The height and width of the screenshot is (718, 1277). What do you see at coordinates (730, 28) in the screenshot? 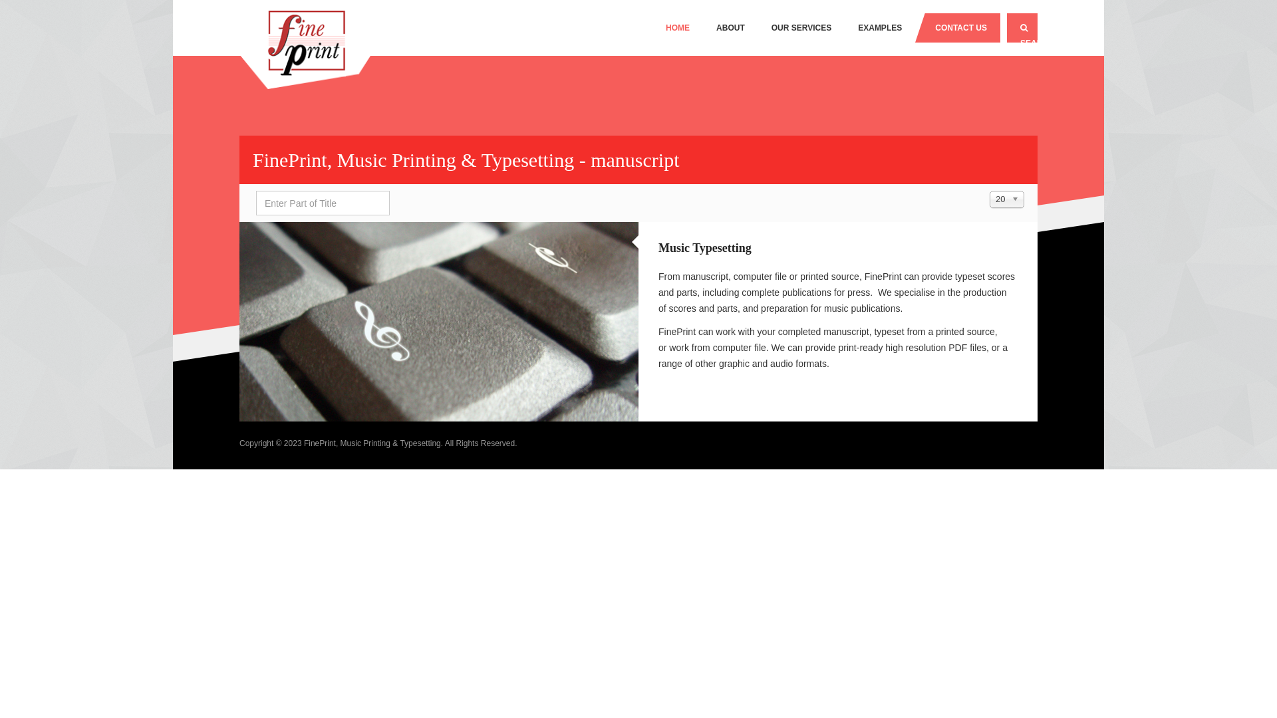
I see `'ABOUT'` at bounding box center [730, 28].